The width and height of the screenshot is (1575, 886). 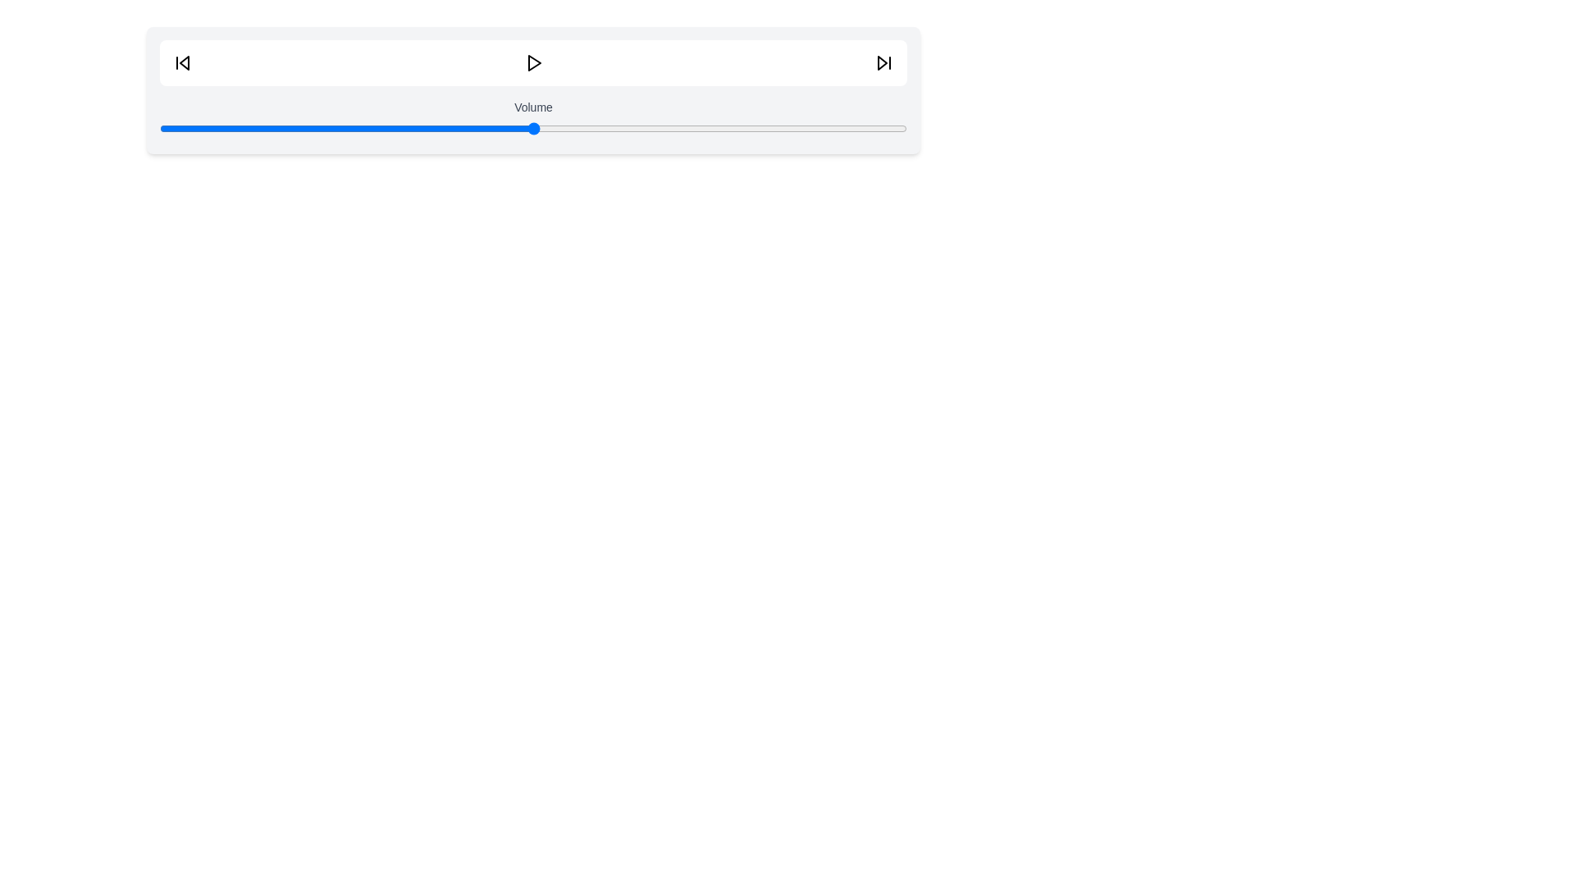 I want to click on the distinct triangular play button located near the center of the control bar area to initiate playback, so click(x=534, y=62).